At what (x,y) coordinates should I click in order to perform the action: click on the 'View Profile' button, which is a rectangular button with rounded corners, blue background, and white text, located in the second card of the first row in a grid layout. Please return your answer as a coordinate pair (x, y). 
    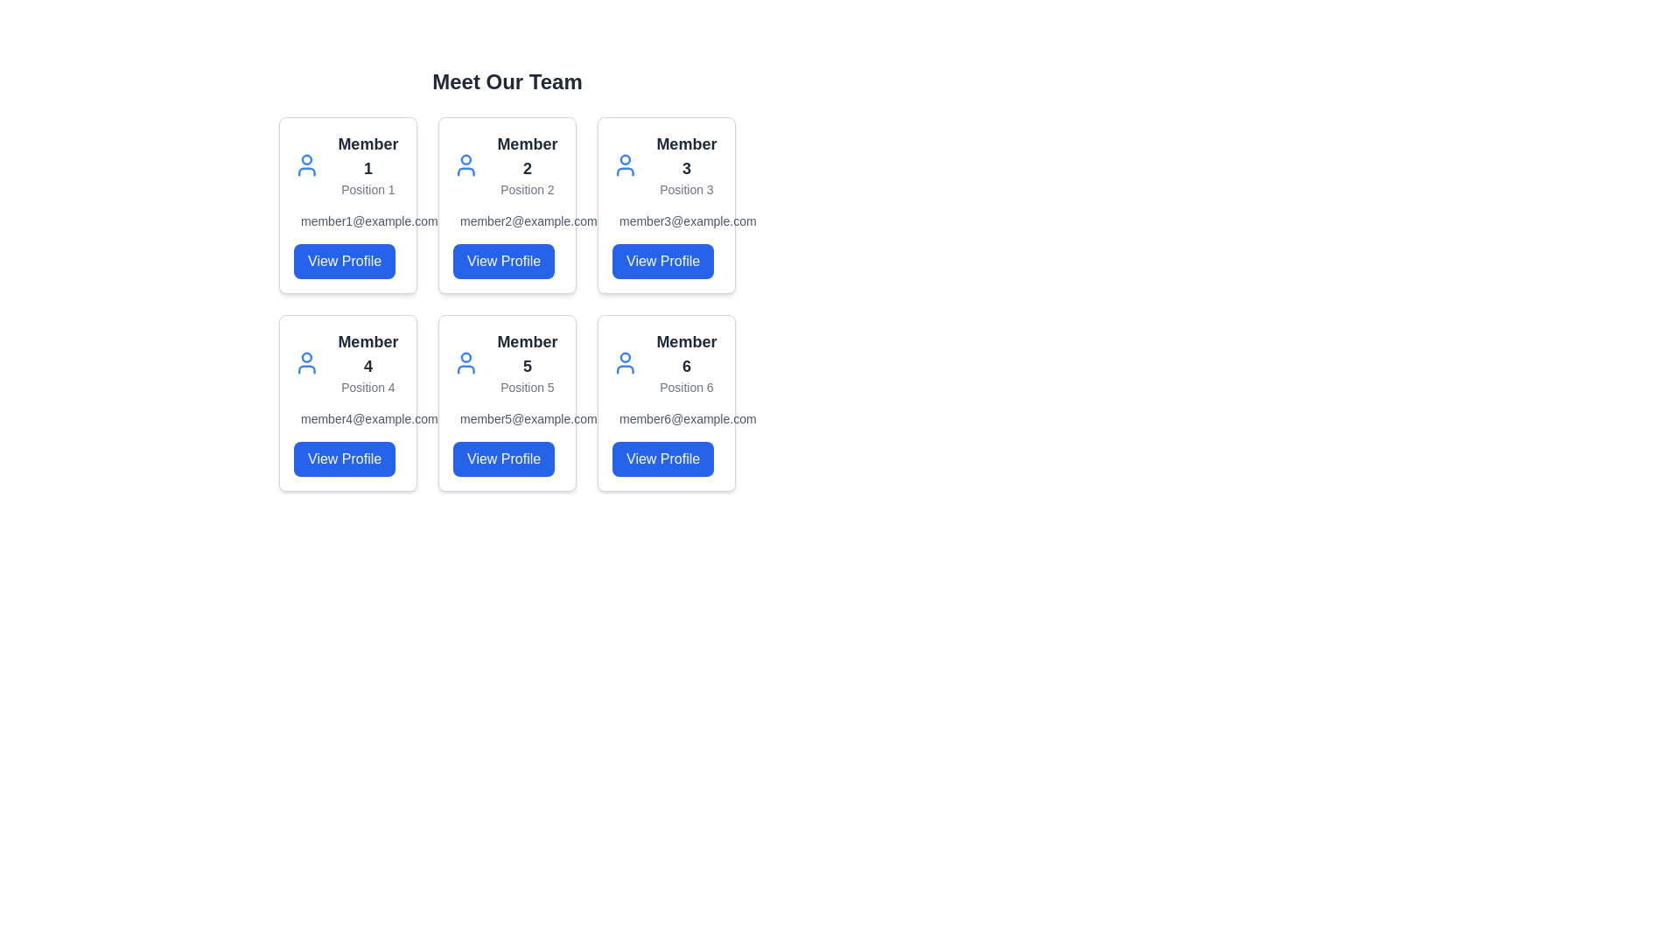
    Looking at the image, I should click on (503, 262).